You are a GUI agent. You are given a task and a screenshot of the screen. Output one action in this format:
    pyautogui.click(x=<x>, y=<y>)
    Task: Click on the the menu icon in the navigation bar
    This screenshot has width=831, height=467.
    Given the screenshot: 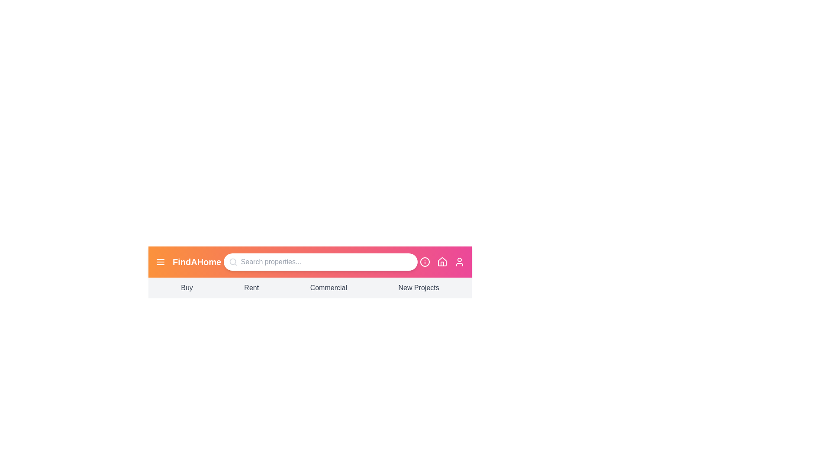 What is the action you would take?
    pyautogui.click(x=160, y=261)
    